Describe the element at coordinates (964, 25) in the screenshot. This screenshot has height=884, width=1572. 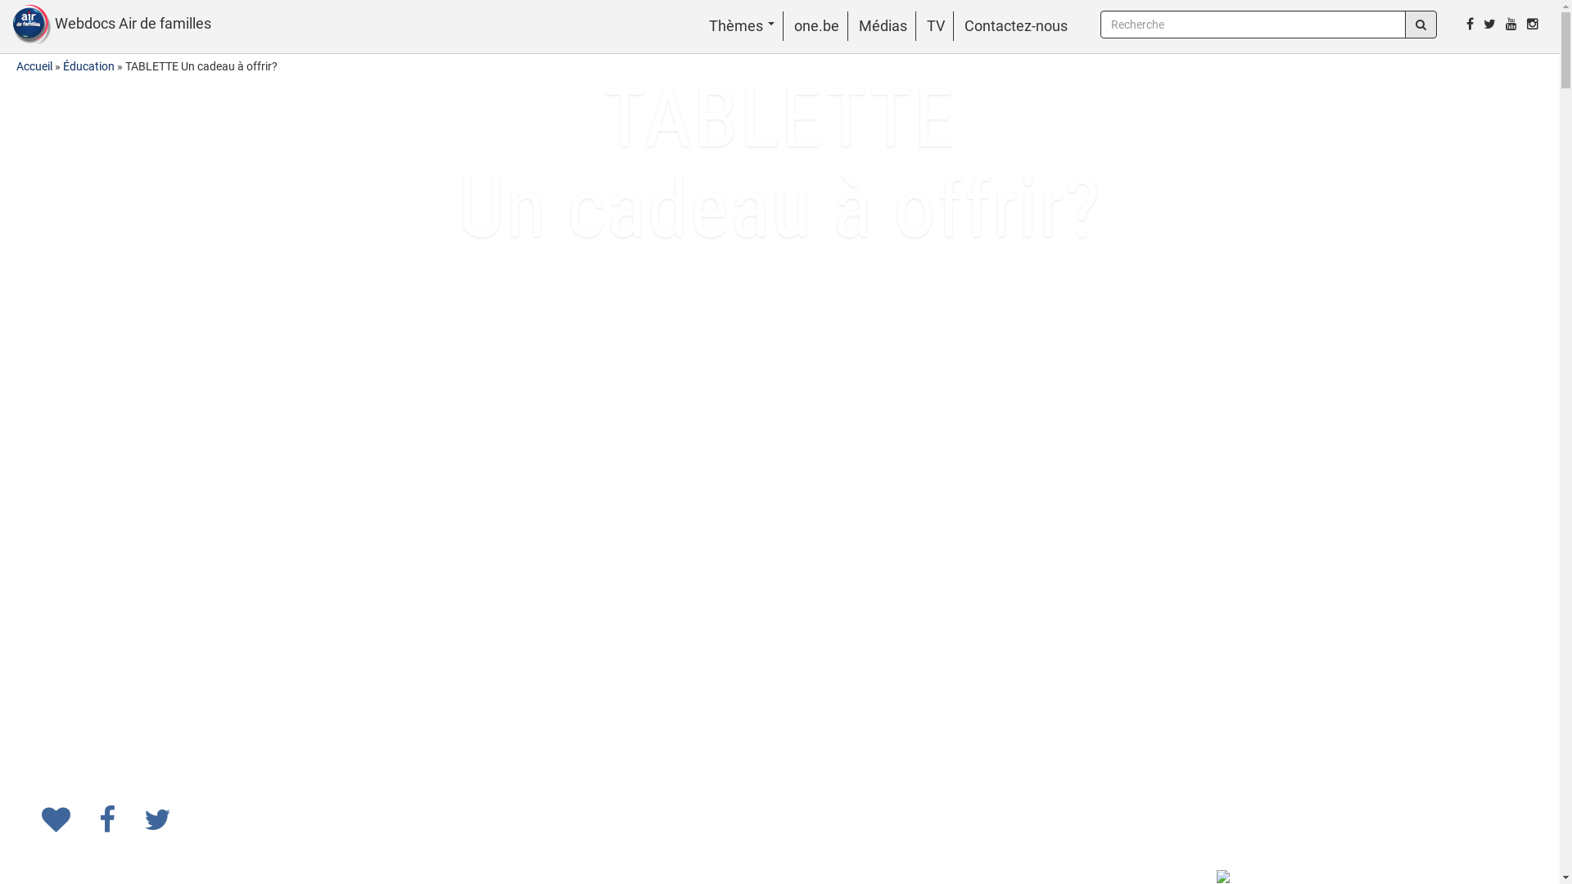
I see `'Contactez-nous'` at that location.